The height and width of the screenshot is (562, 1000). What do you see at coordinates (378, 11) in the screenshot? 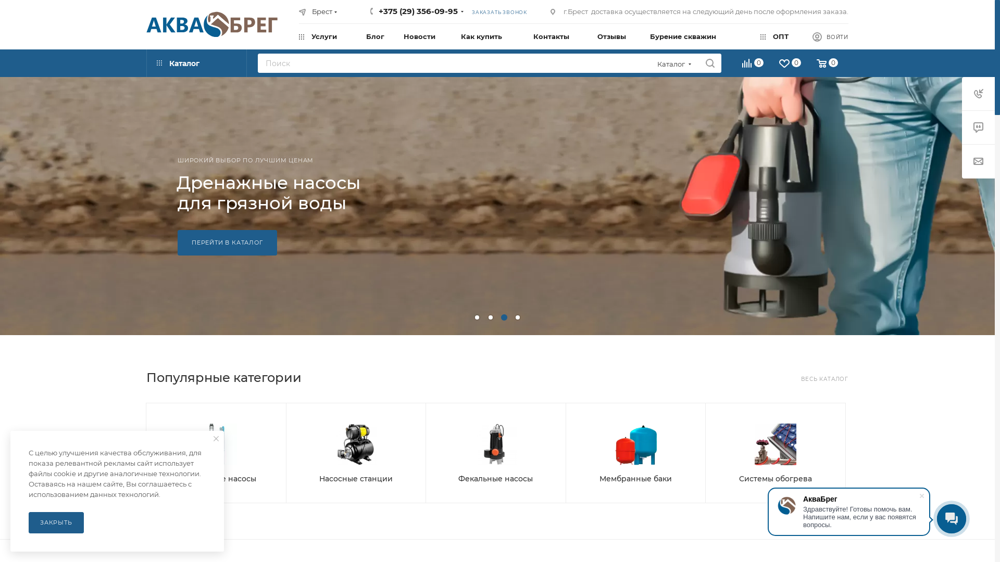
I see `'+375 (29) 356-09-95'` at bounding box center [378, 11].